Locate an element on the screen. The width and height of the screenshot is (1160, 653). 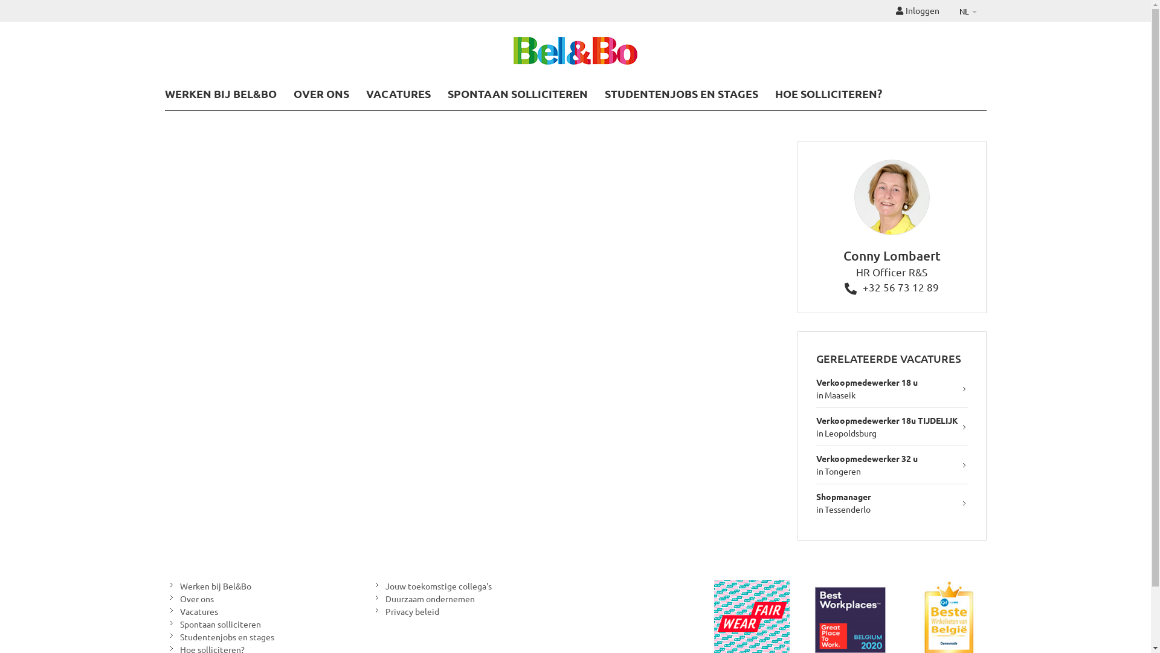
'Shopmanager' is located at coordinates (843, 496).